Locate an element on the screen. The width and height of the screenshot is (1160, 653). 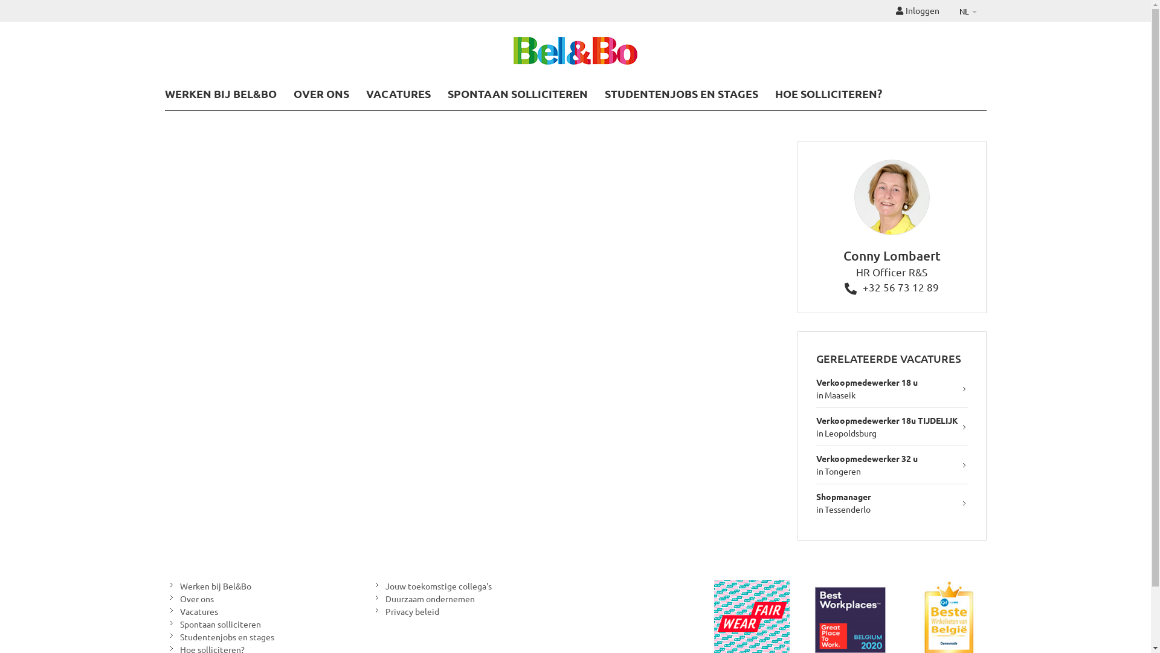
'Shopmanager' is located at coordinates (843, 496).